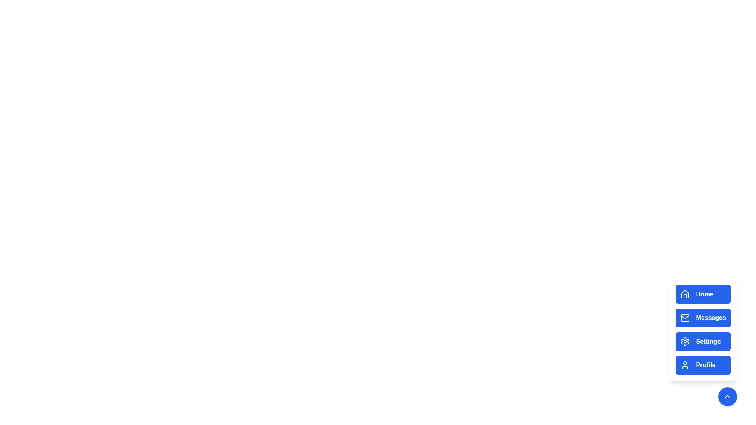 The image size is (756, 425). Describe the element at coordinates (703, 317) in the screenshot. I see `the Messages button in the menu` at that location.